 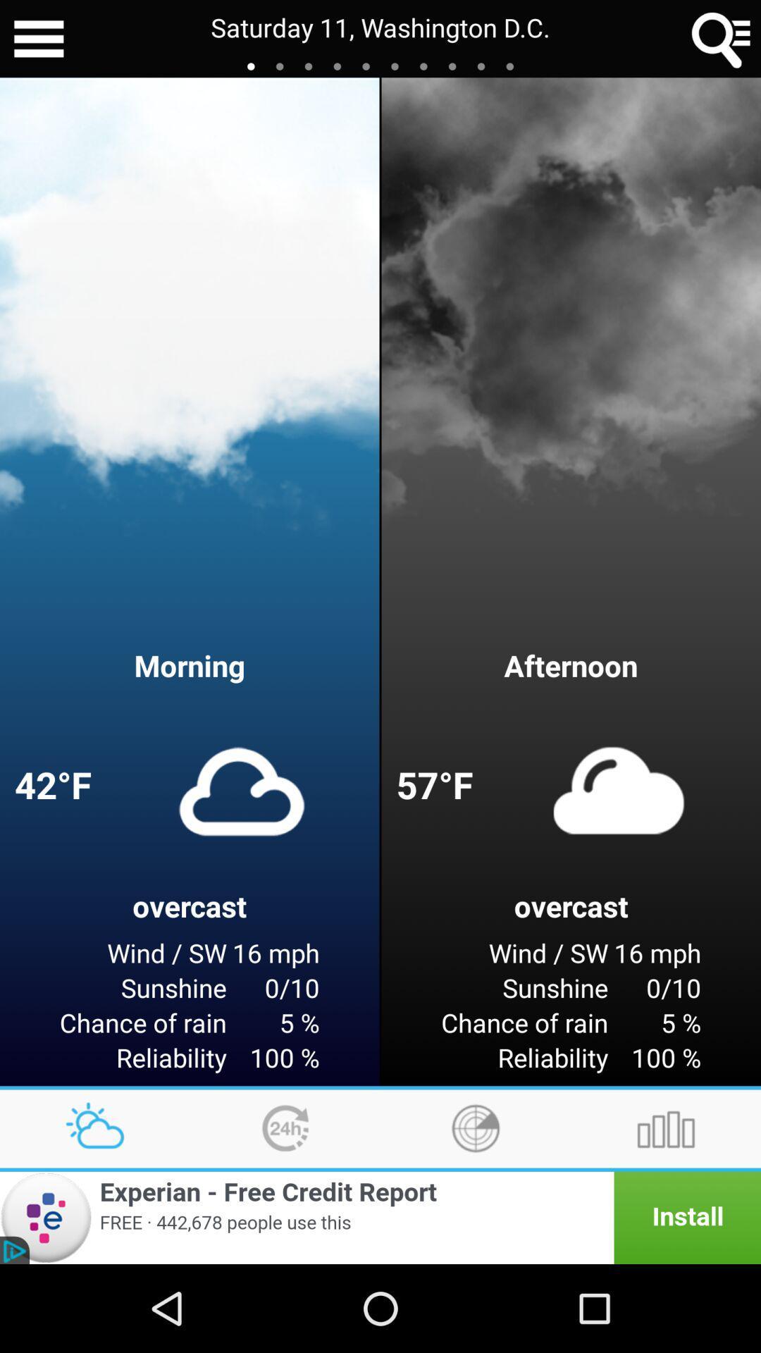 What do you see at coordinates (38, 39) in the screenshot?
I see `the menu items` at bounding box center [38, 39].